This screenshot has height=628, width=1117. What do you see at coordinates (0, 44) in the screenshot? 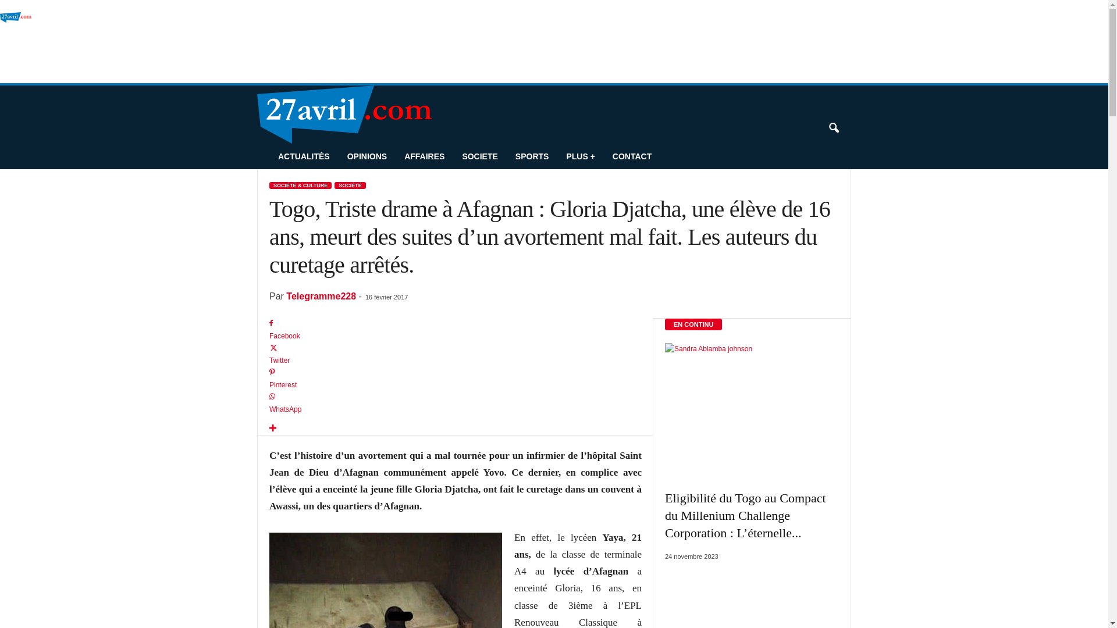
I see `'27avril.com'` at bounding box center [0, 44].